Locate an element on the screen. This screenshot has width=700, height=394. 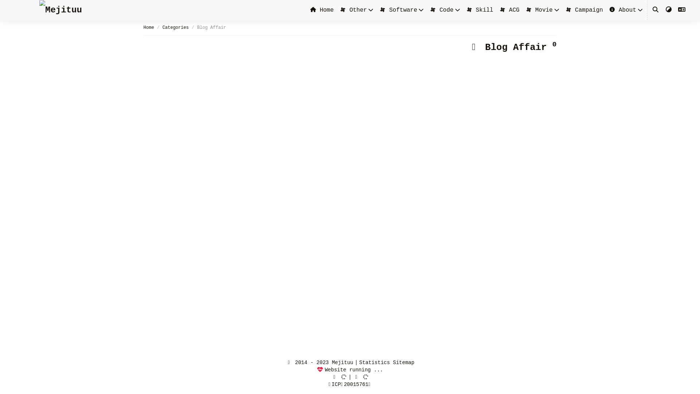
'Software' is located at coordinates (397, 10).